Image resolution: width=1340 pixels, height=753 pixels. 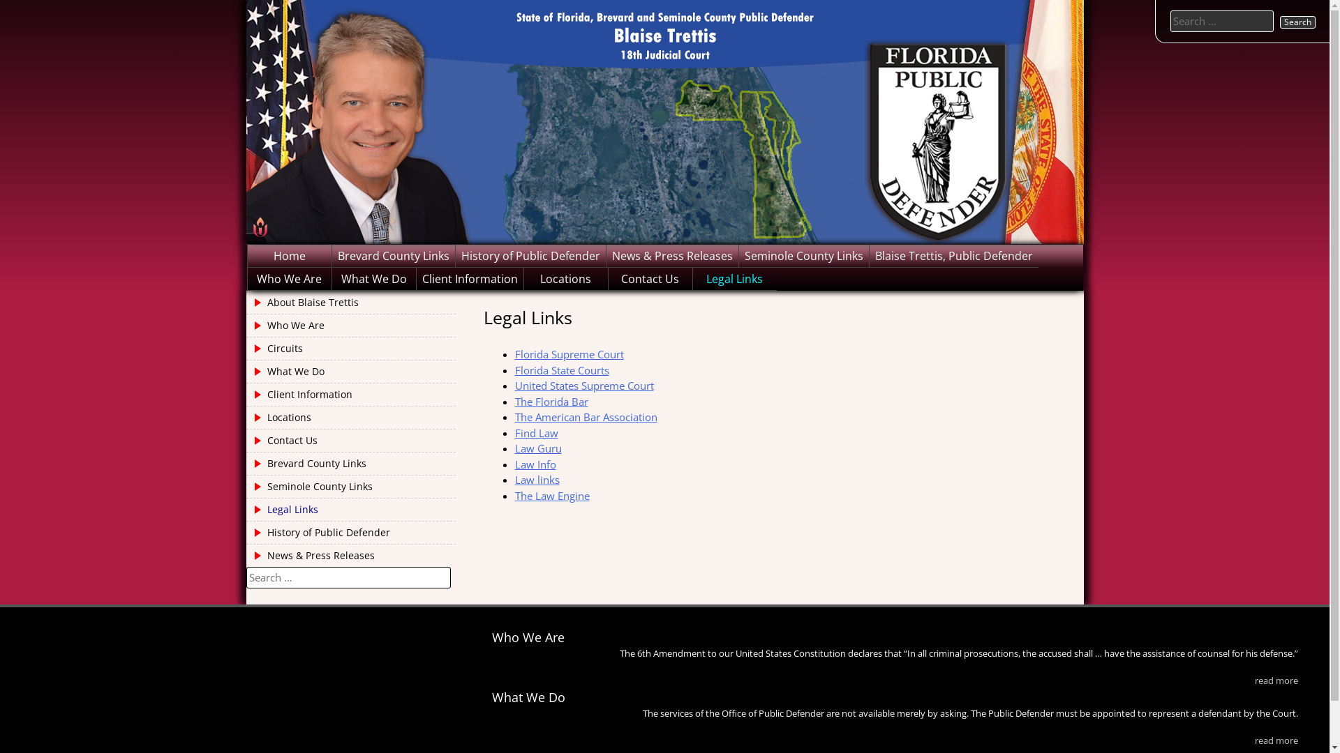 I want to click on 'Client Information', so click(x=469, y=279).